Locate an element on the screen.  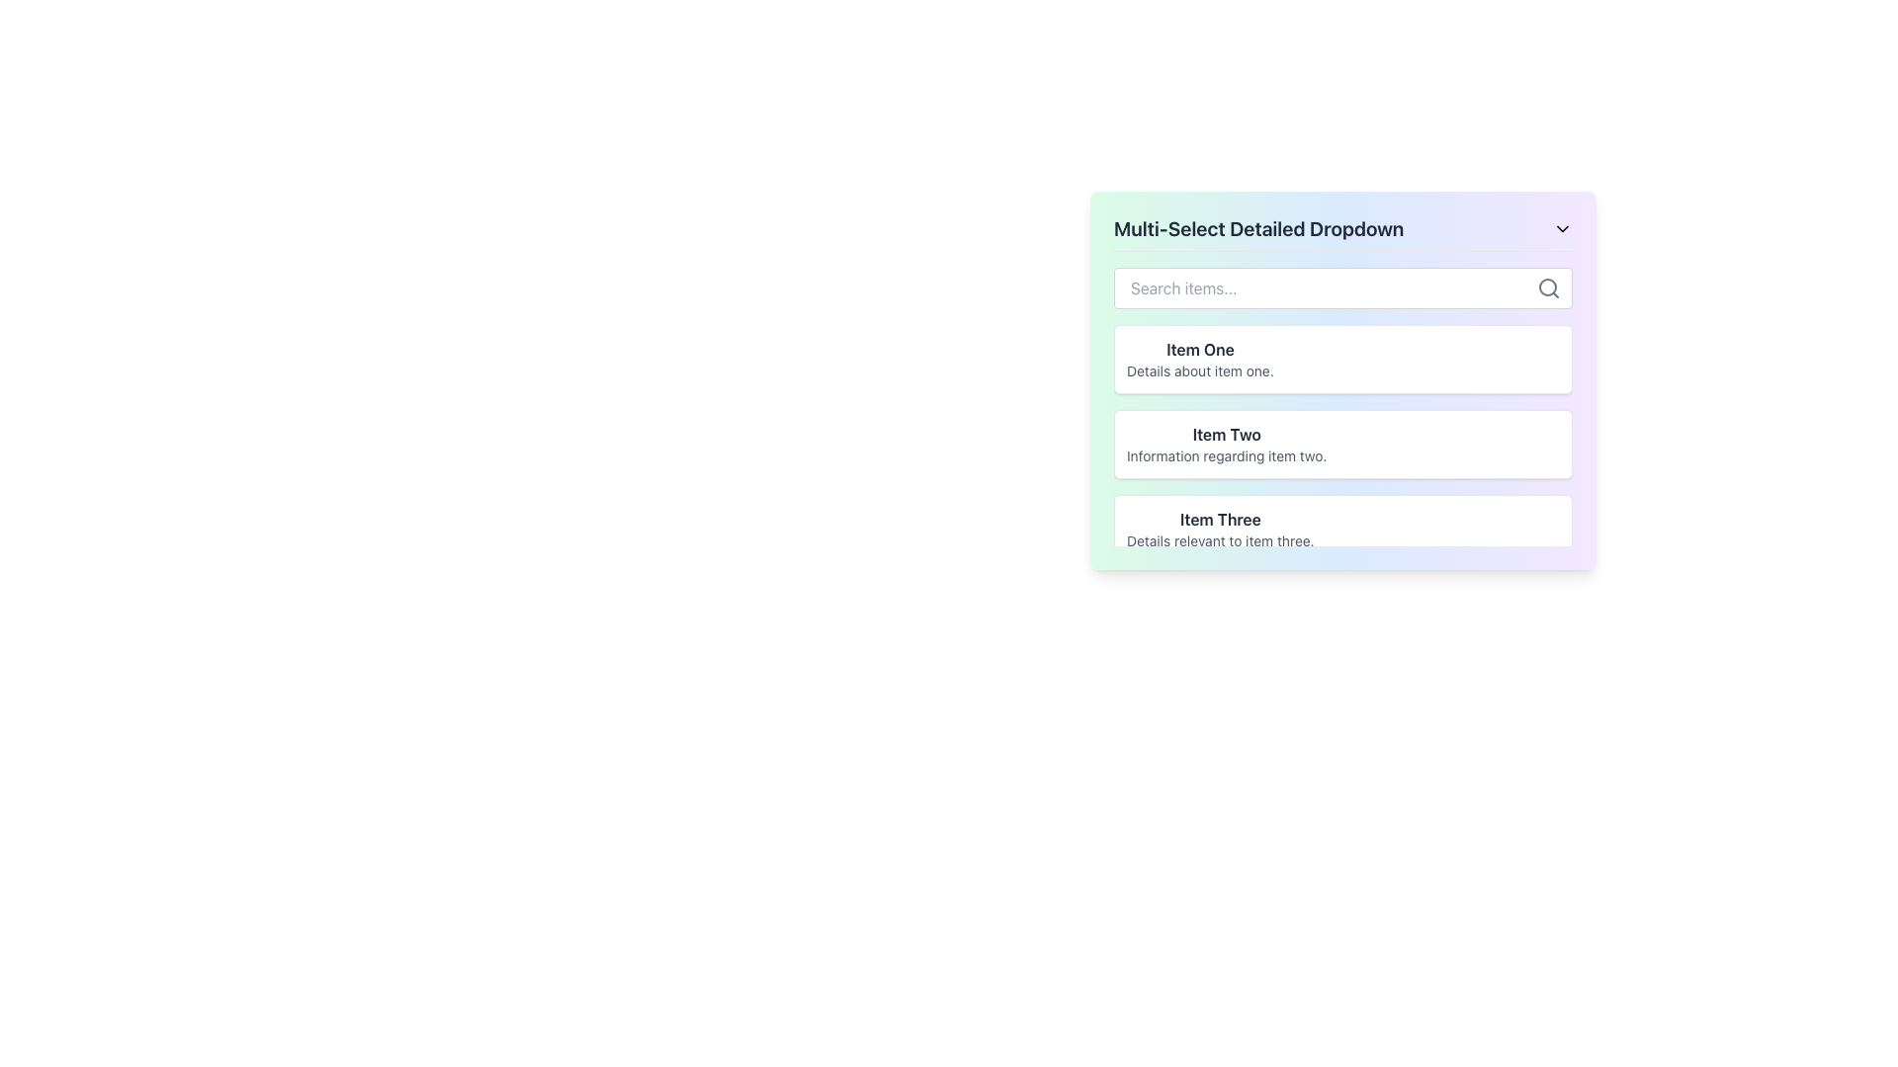
the static text providing additional context for 'Item Two', located below the title in the second section of the multi-item dropdown is located at coordinates (1226, 456).